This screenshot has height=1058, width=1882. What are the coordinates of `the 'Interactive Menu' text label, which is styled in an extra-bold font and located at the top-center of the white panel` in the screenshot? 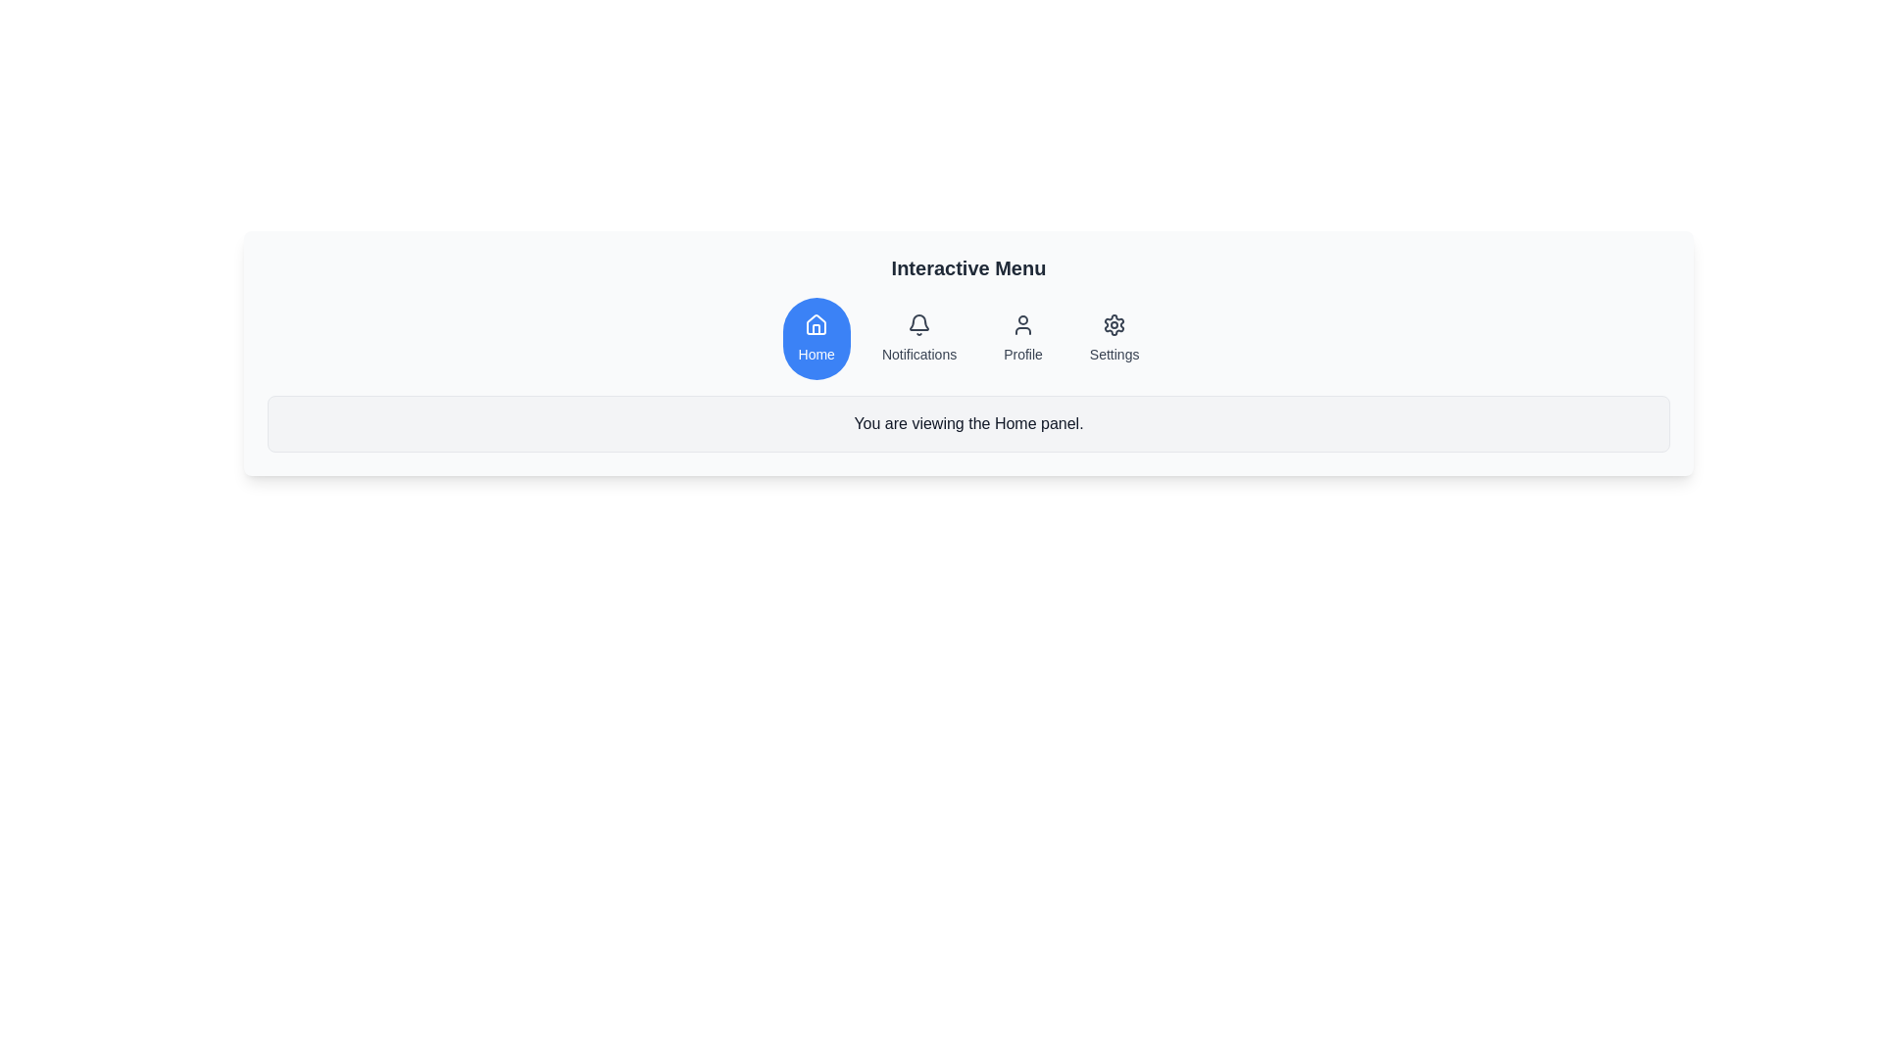 It's located at (968, 267).